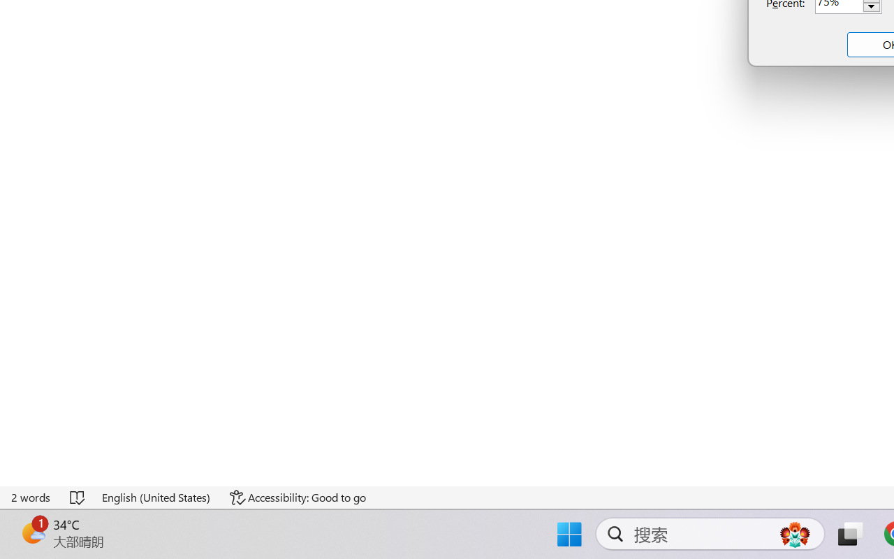  Describe the element at coordinates (31, 497) in the screenshot. I see `'Word Count 2 words'` at that location.